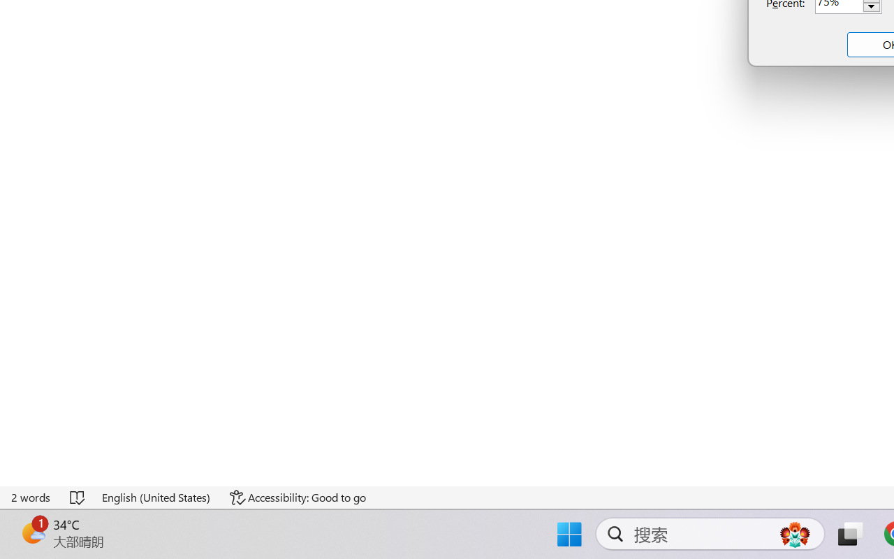  Describe the element at coordinates (31, 497) in the screenshot. I see `'Word Count 2 words'` at that location.